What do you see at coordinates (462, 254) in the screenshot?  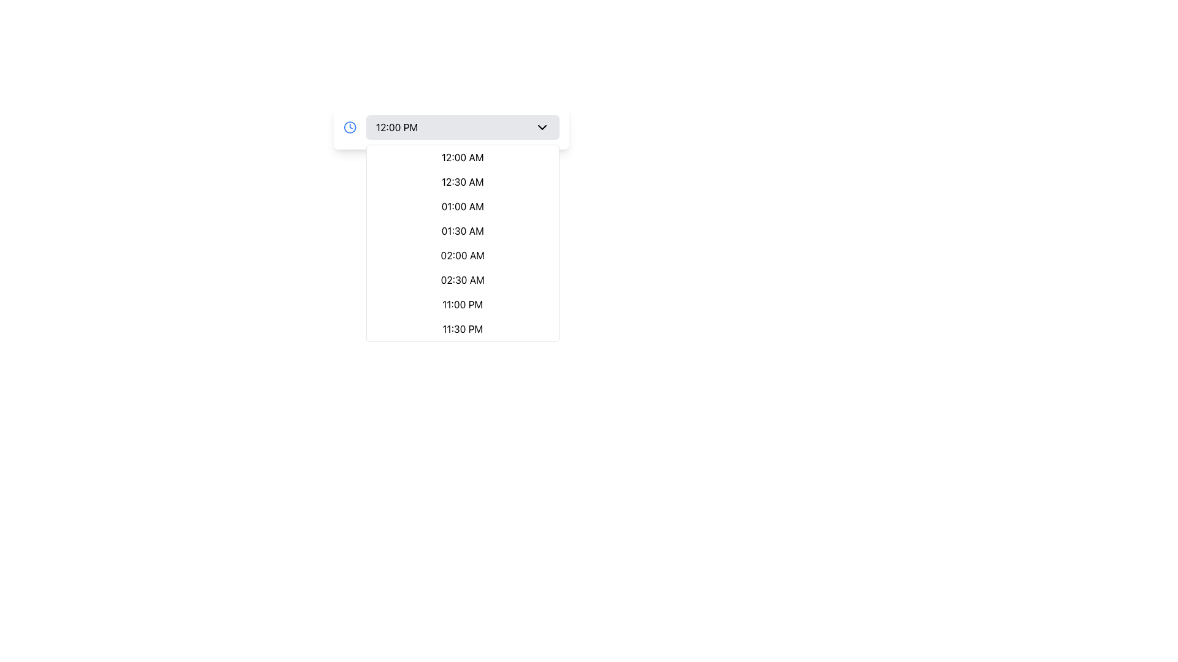 I see `the time selection item '02:00 AM' which is the fifth option in the dropdown menu` at bounding box center [462, 254].